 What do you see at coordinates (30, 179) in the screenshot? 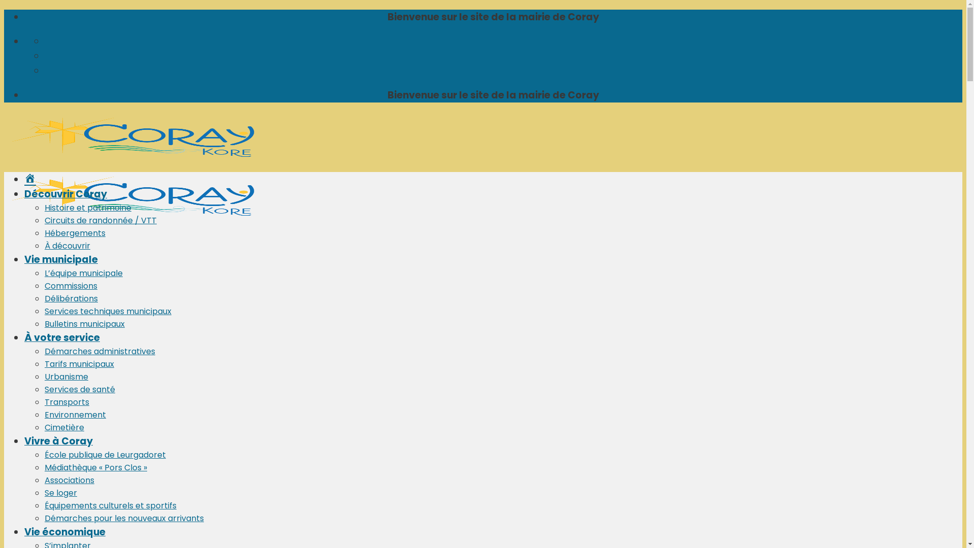
I see `'Accueil'` at bounding box center [30, 179].